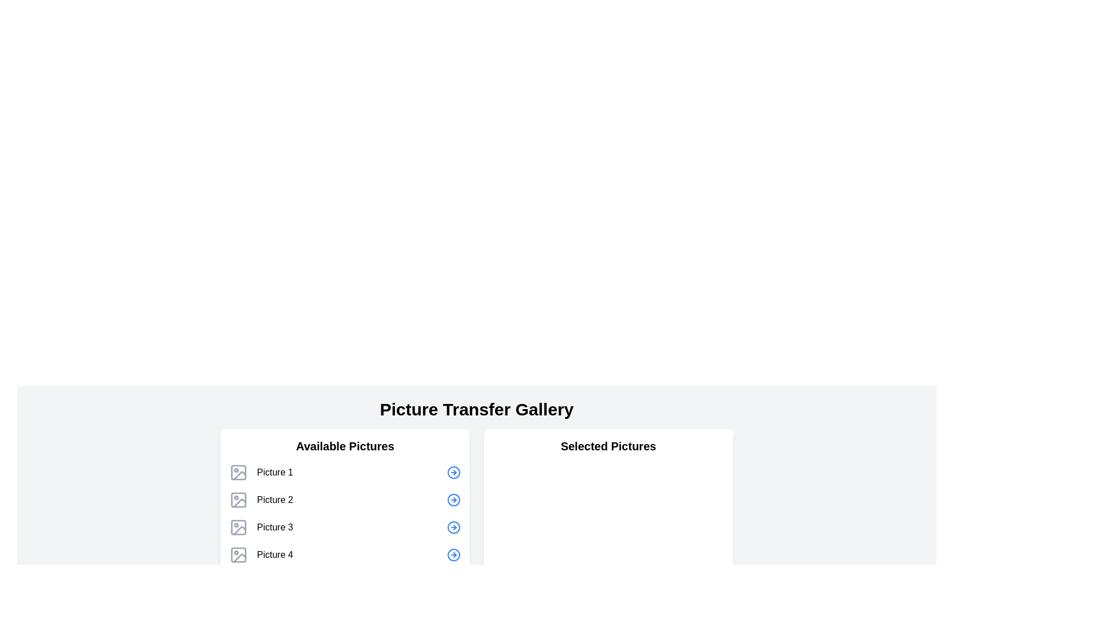 The height and width of the screenshot is (618, 1099). Describe the element at coordinates (239, 530) in the screenshot. I see `the decorative vector graphic element associated with the 'Picture 3' label in the 'Available Pictures' list, which is the third icon from the top` at that location.